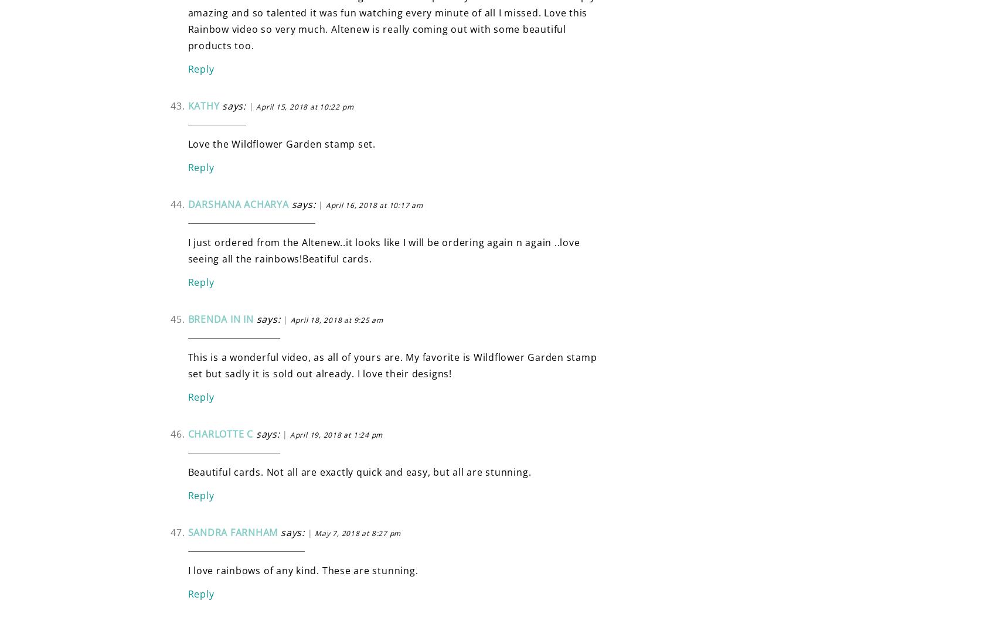 This screenshot has height=621, width=997. Describe the element at coordinates (187, 104) in the screenshot. I see `'Kathy'` at that location.